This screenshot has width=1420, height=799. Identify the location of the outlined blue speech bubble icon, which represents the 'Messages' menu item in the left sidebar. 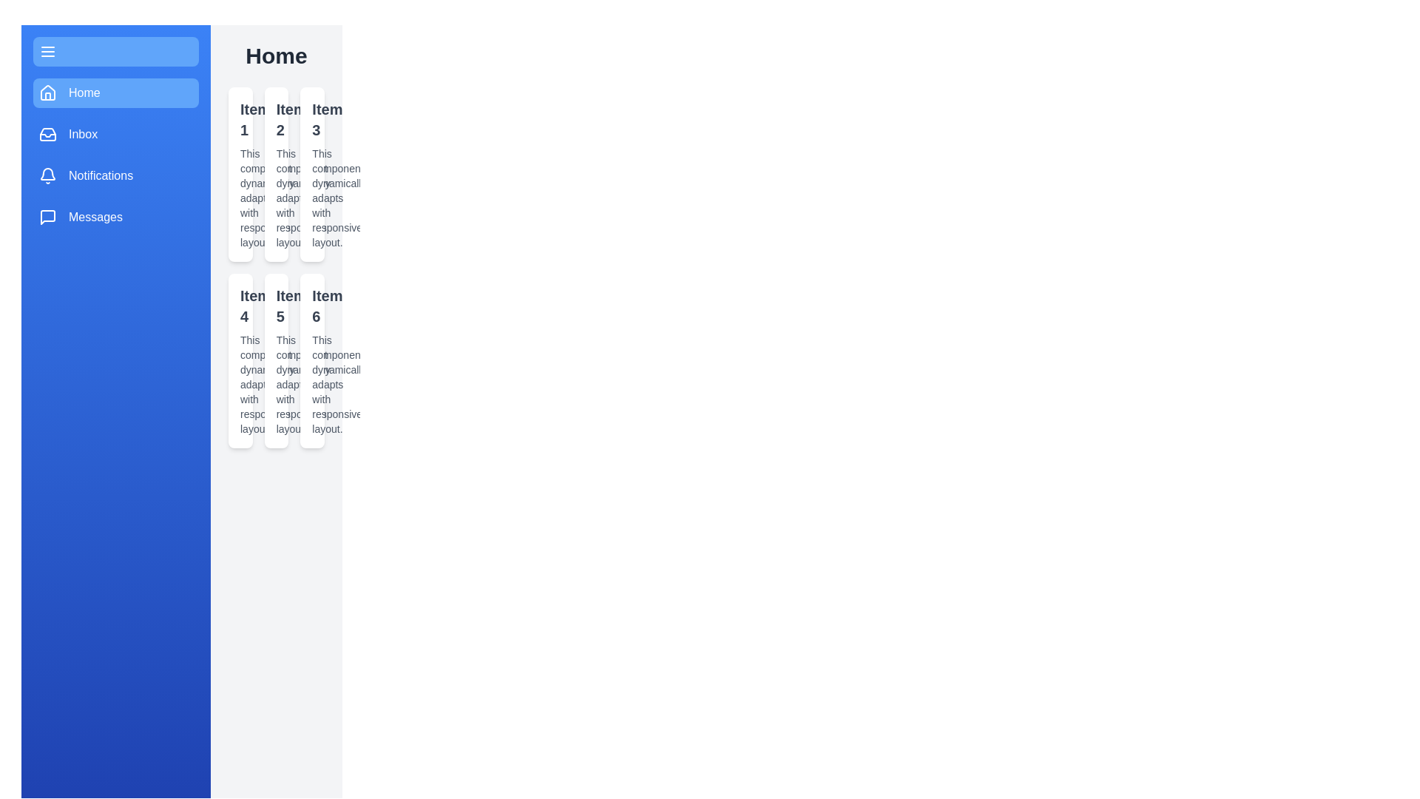
(48, 217).